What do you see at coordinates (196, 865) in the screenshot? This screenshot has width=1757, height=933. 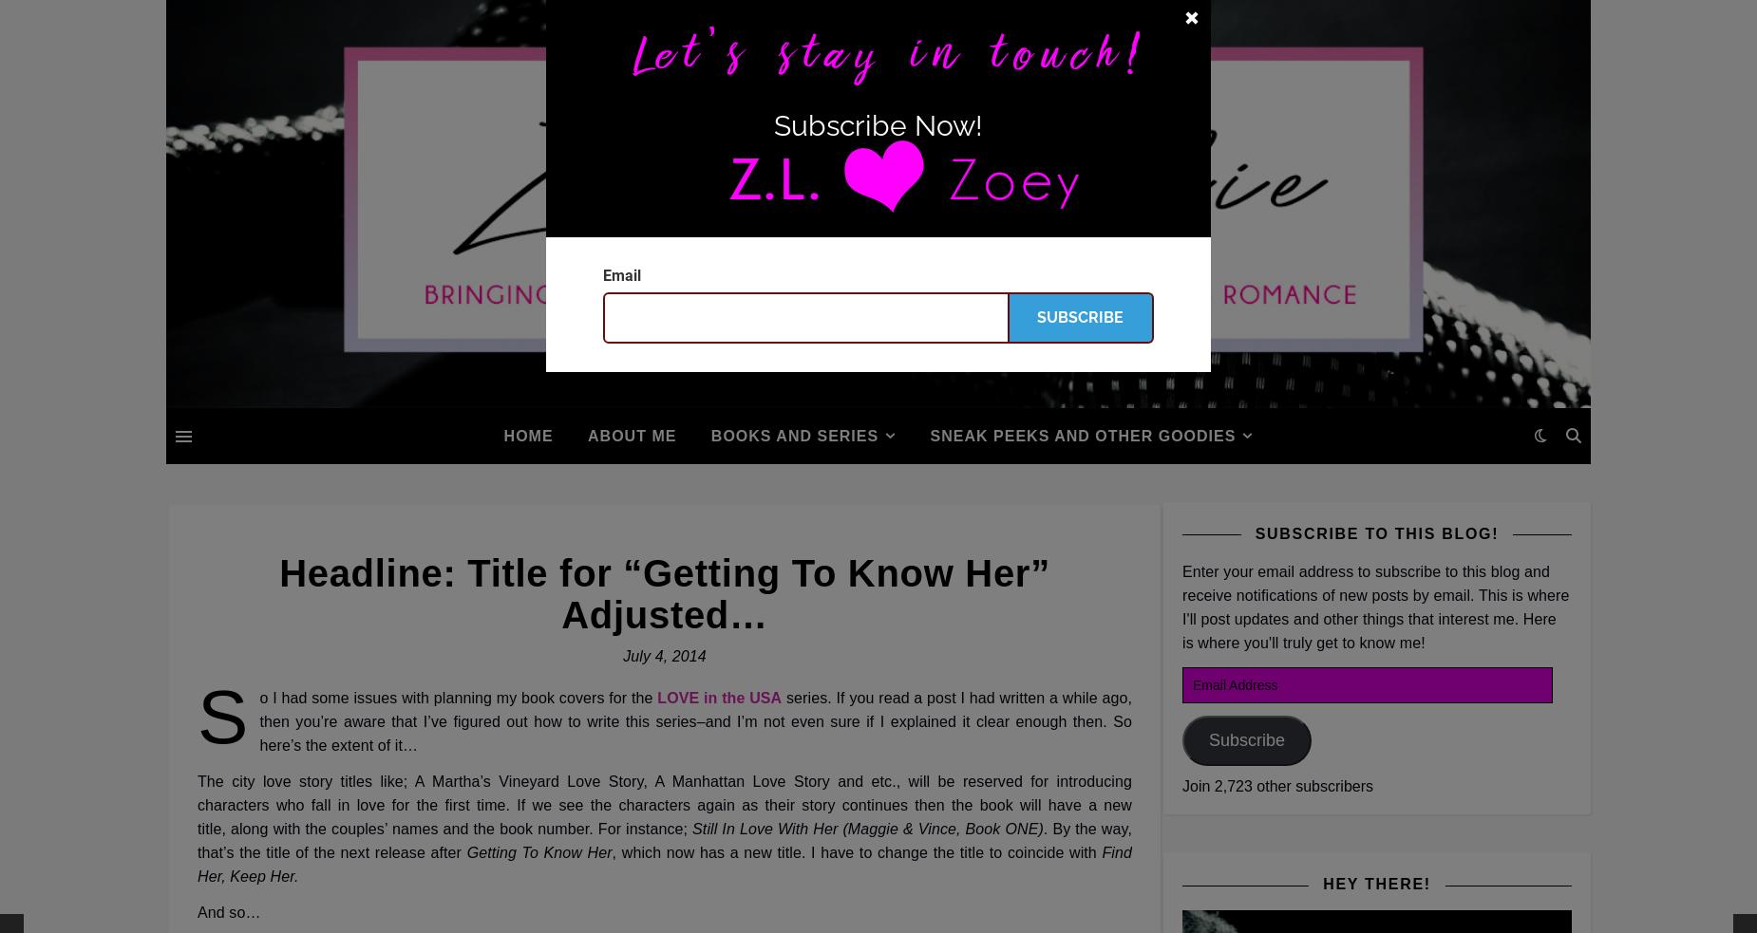 I see `'Find Her, Keep Her.'` at bounding box center [196, 865].